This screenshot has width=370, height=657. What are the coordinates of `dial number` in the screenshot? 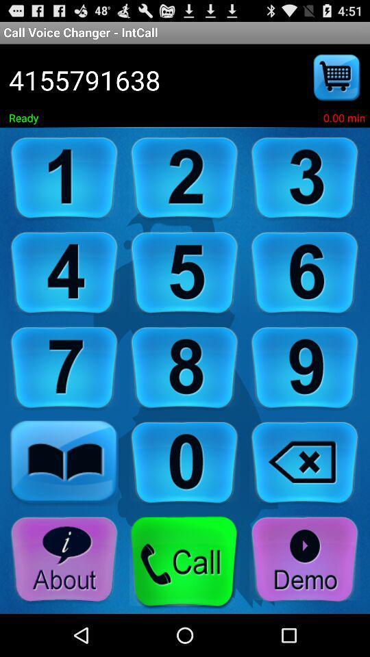 It's located at (184, 178).